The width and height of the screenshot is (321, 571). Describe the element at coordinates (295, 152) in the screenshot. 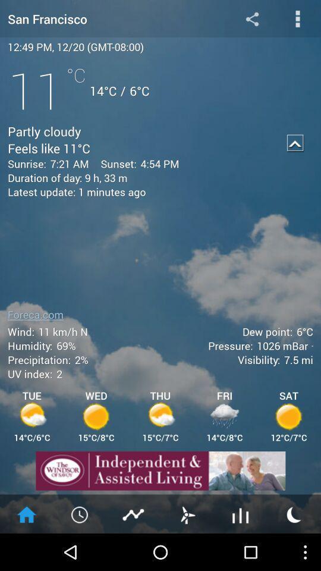

I see `the expand_less icon` at that location.